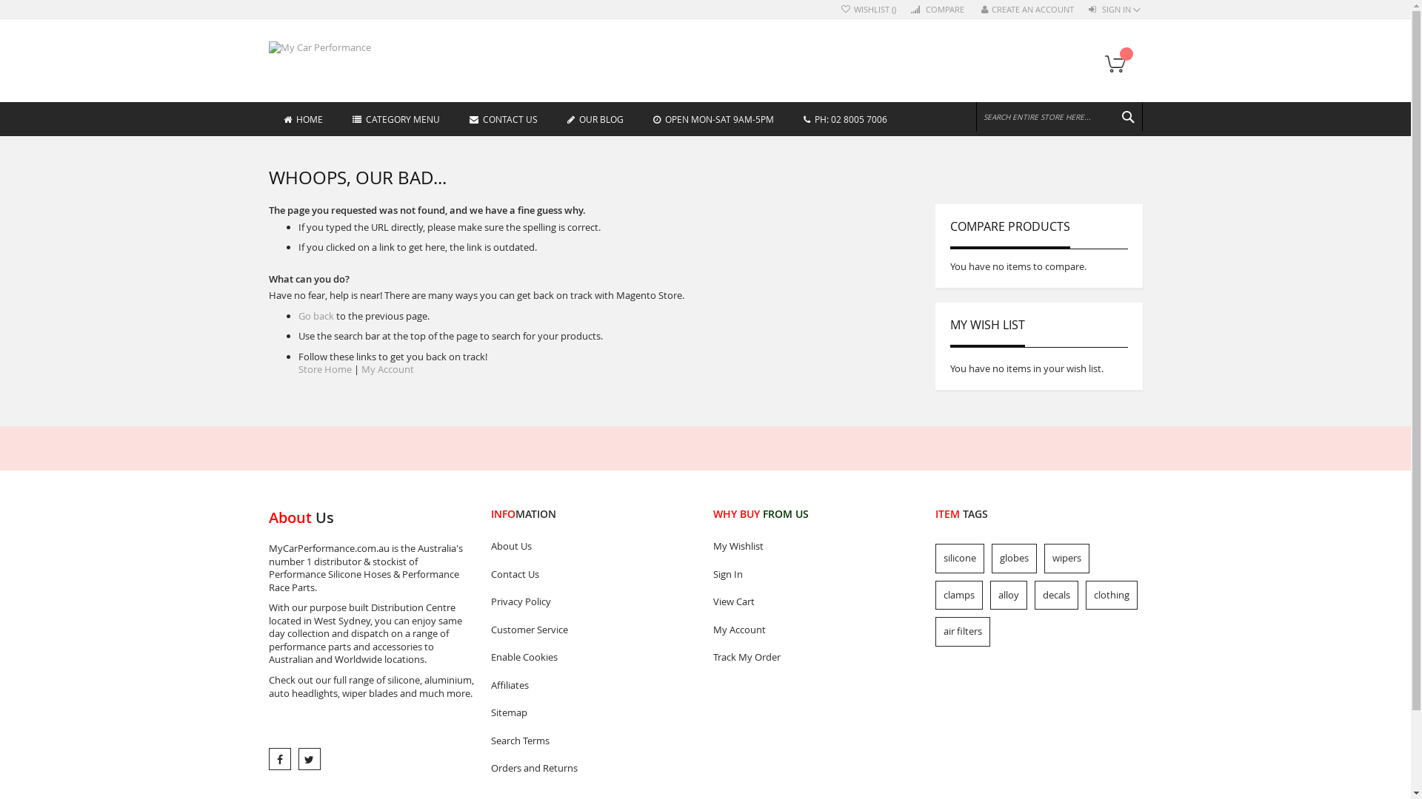  I want to click on 'CATEGORY MENU', so click(395, 118).